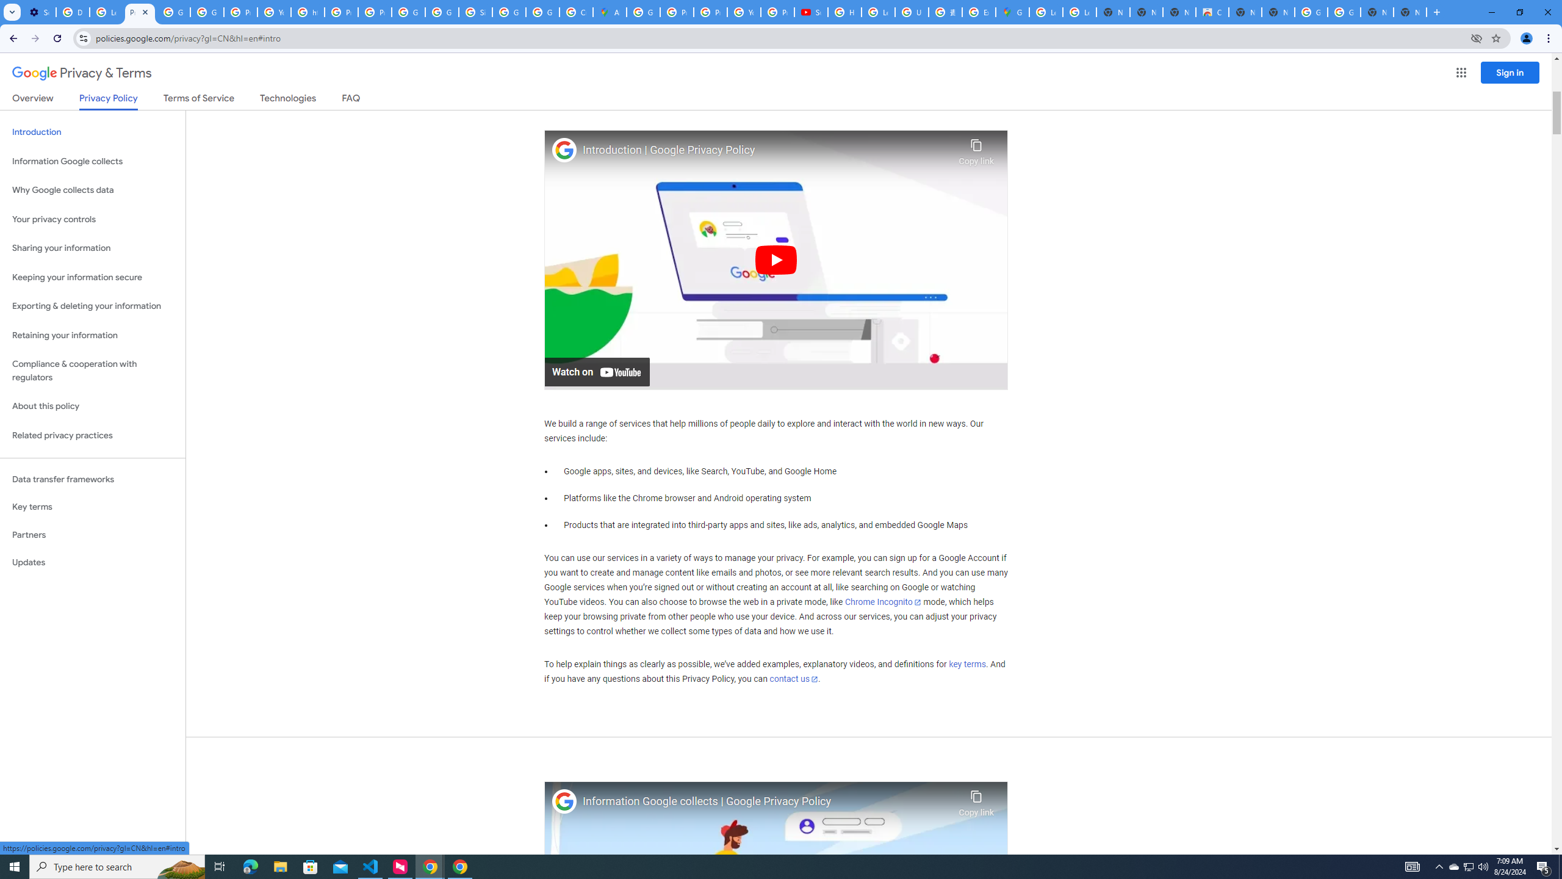  Describe the element at coordinates (767, 150) in the screenshot. I see `'Introduction | Google Privacy Policy'` at that location.